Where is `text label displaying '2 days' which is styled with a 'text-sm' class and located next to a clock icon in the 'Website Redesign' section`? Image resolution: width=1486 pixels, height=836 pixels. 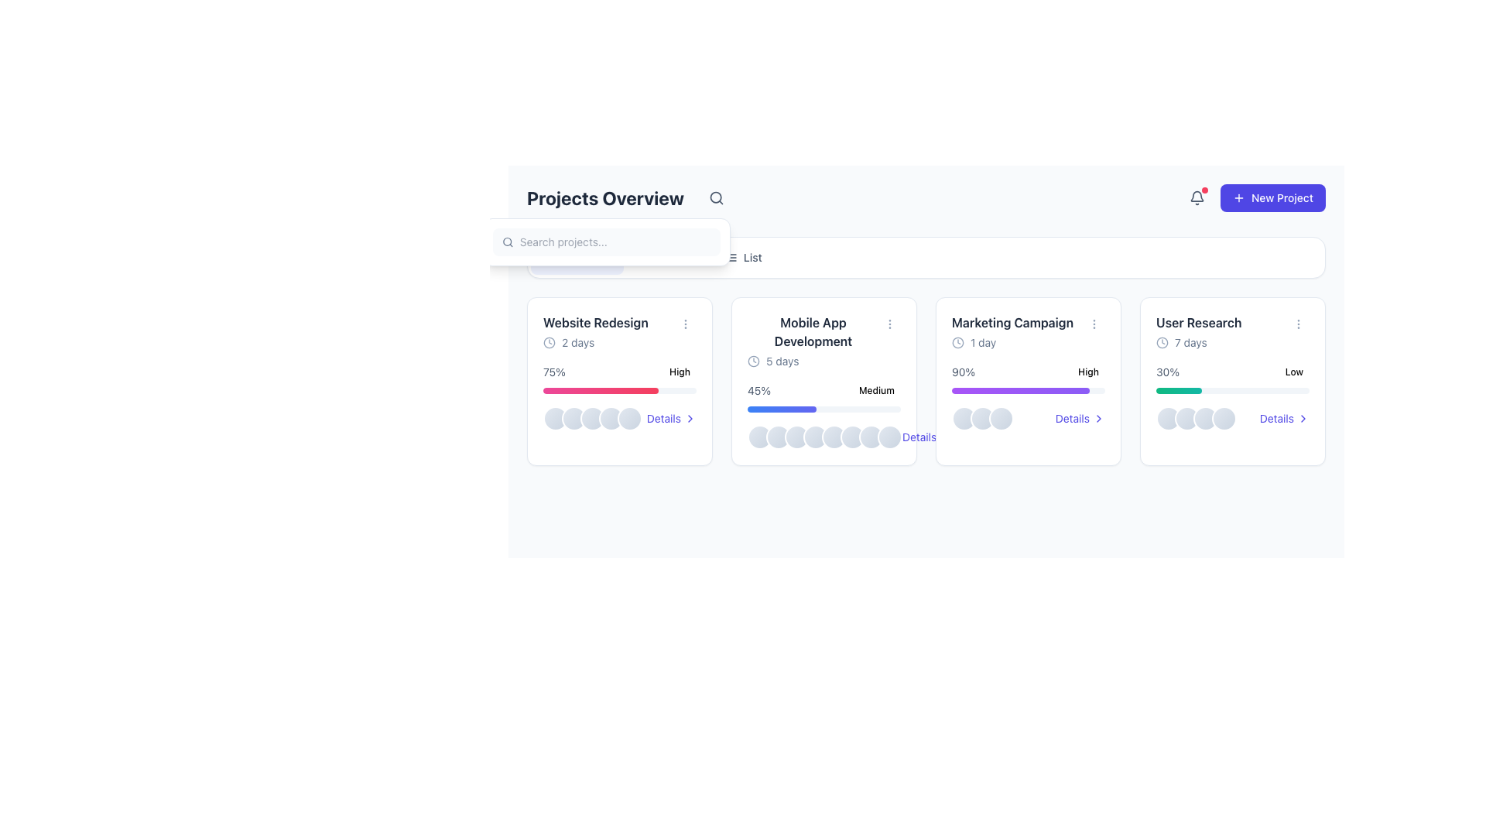 text label displaying '2 days' which is styled with a 'text-sm' class and located next to a clock icon in the 'Website Redesign' section is located at coordinates (577, 342).